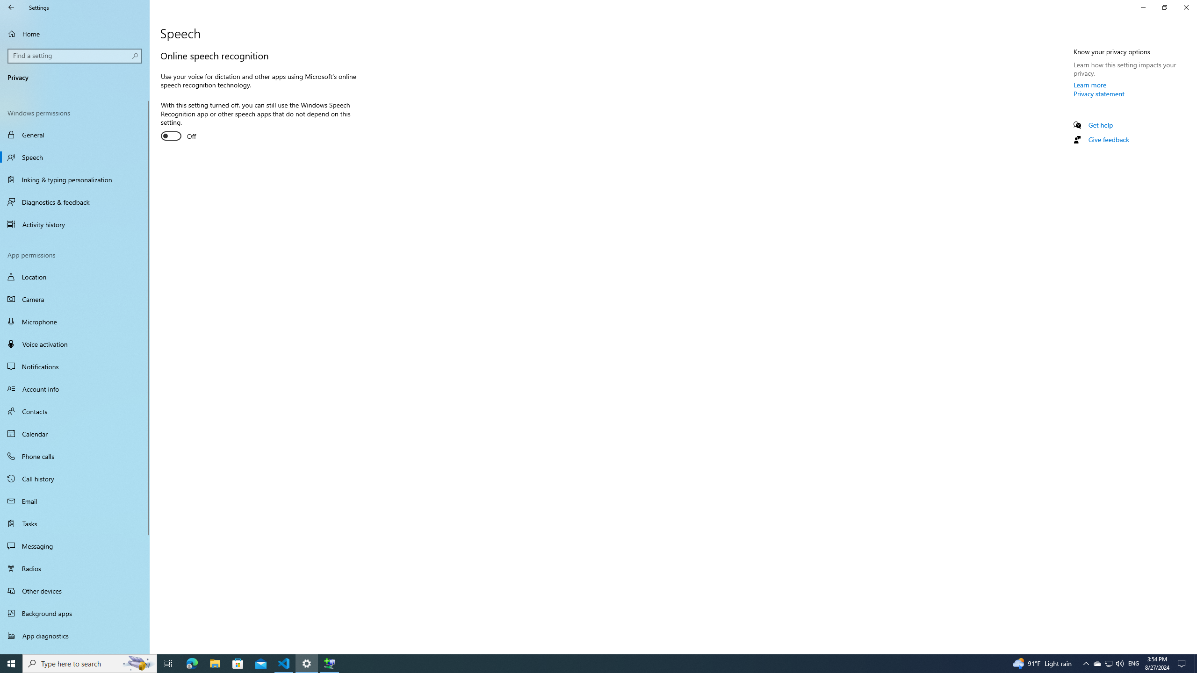 The width and height of the screenshot is (1197, 673). Describe the element at coordinates (74, 179) in the screenshot. I see `'Inking & typing personalization'` at that location.